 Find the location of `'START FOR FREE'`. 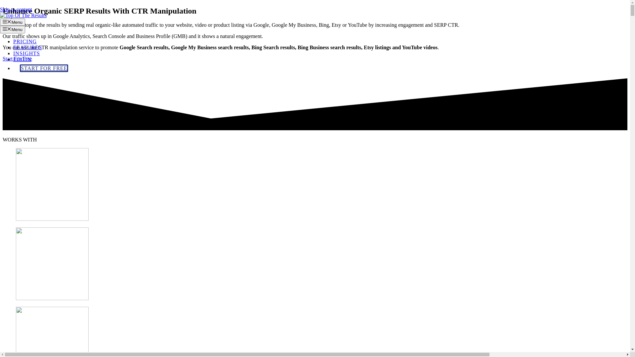

'START FOR FREE' is located at coordinates (20, 68).